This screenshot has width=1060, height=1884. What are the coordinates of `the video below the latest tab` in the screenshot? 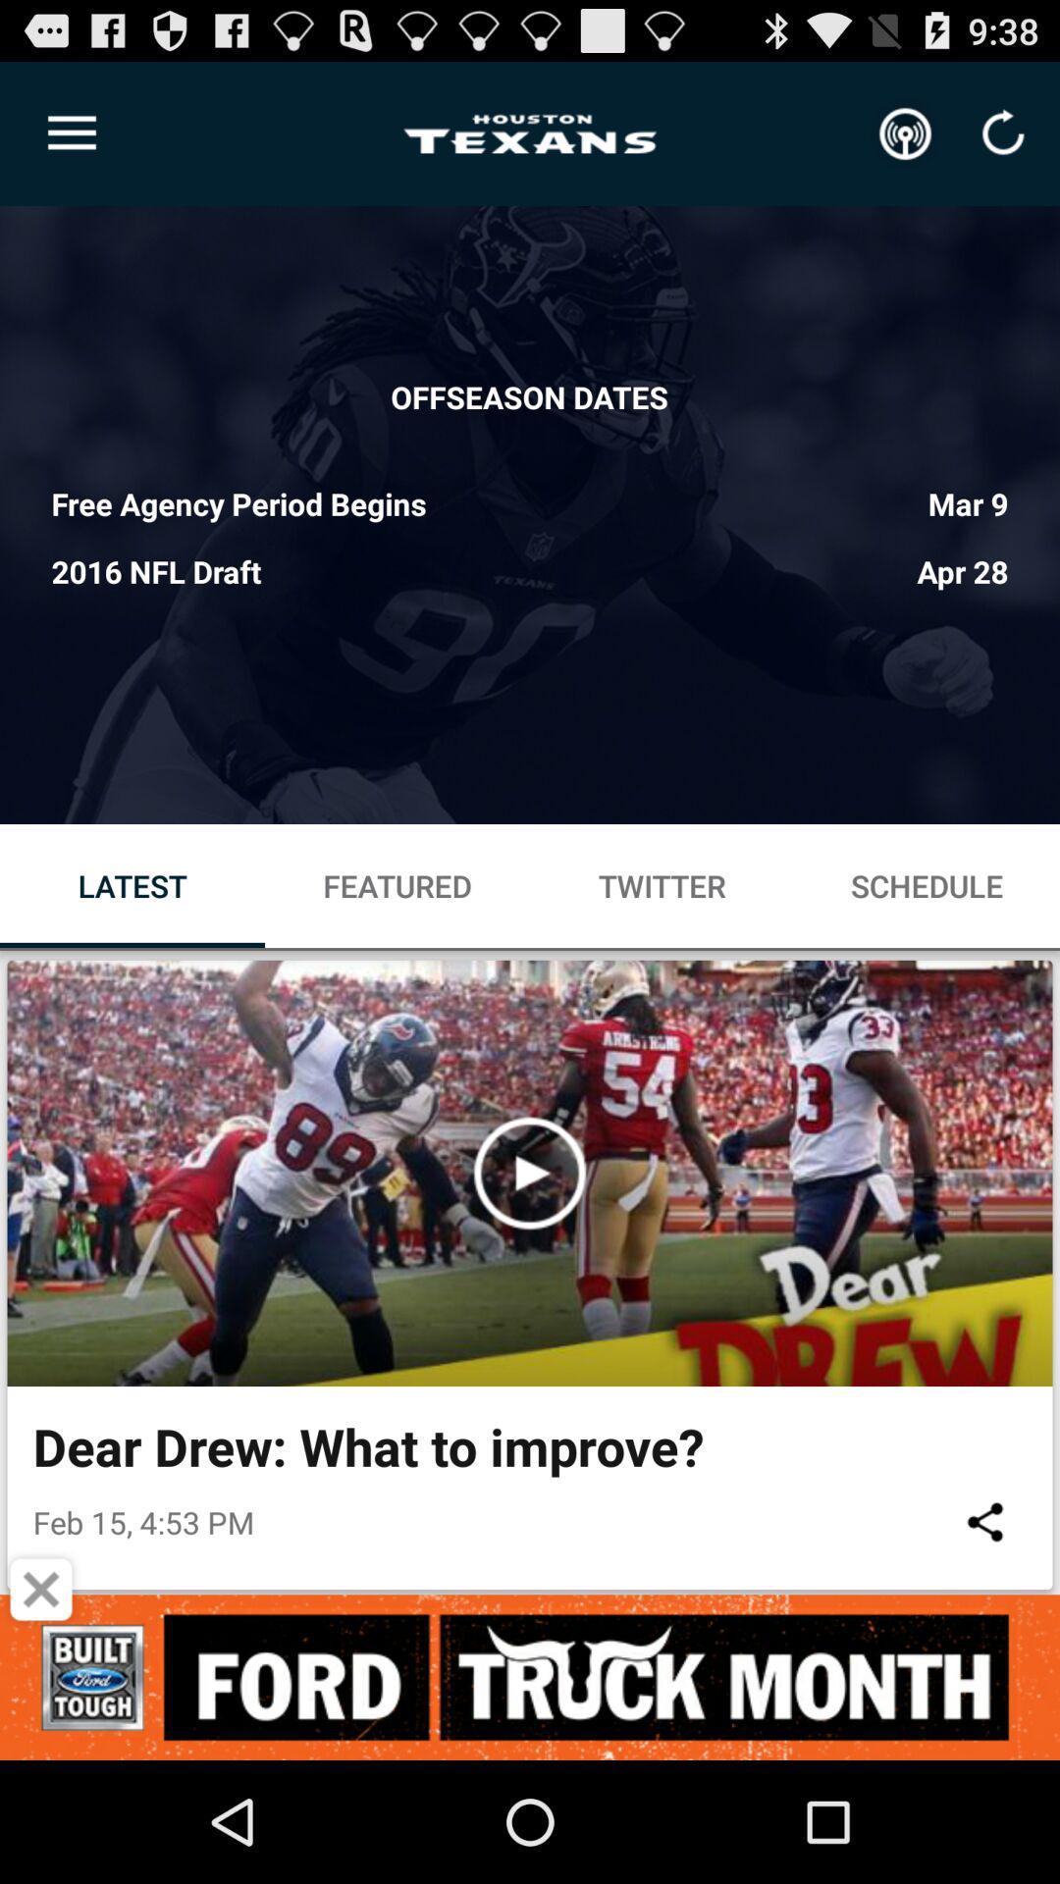 It's located at (530, 1173).